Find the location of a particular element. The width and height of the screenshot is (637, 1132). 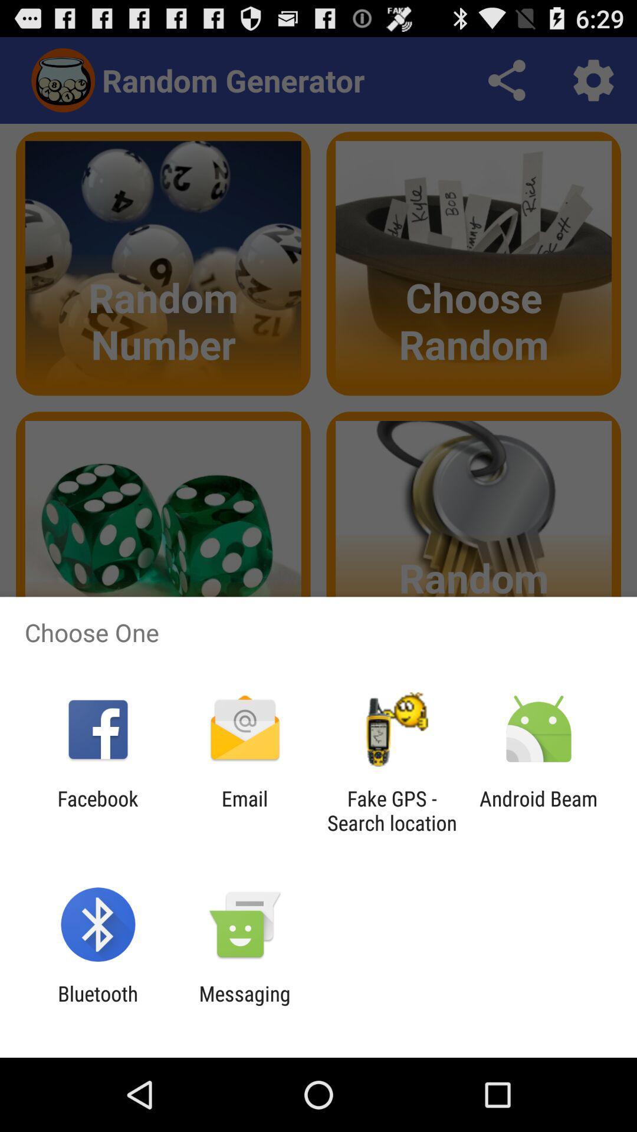

the icon next to fake gps search icon is located at coordinates (539, 810).